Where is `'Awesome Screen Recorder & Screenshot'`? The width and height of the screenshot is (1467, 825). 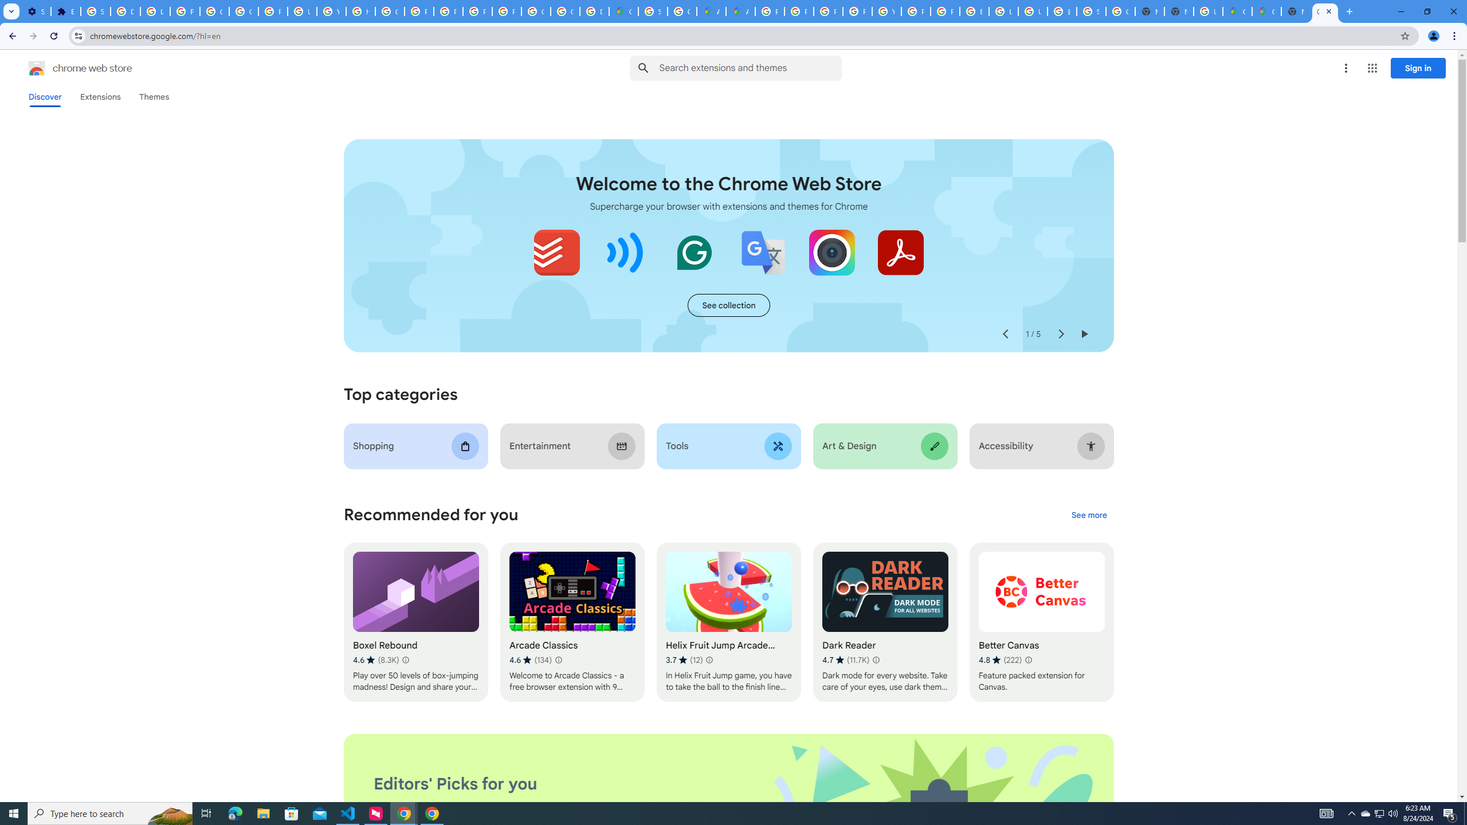 'Awesome Screen Recorder & Screenshot' is located at coordinates (831, 252).